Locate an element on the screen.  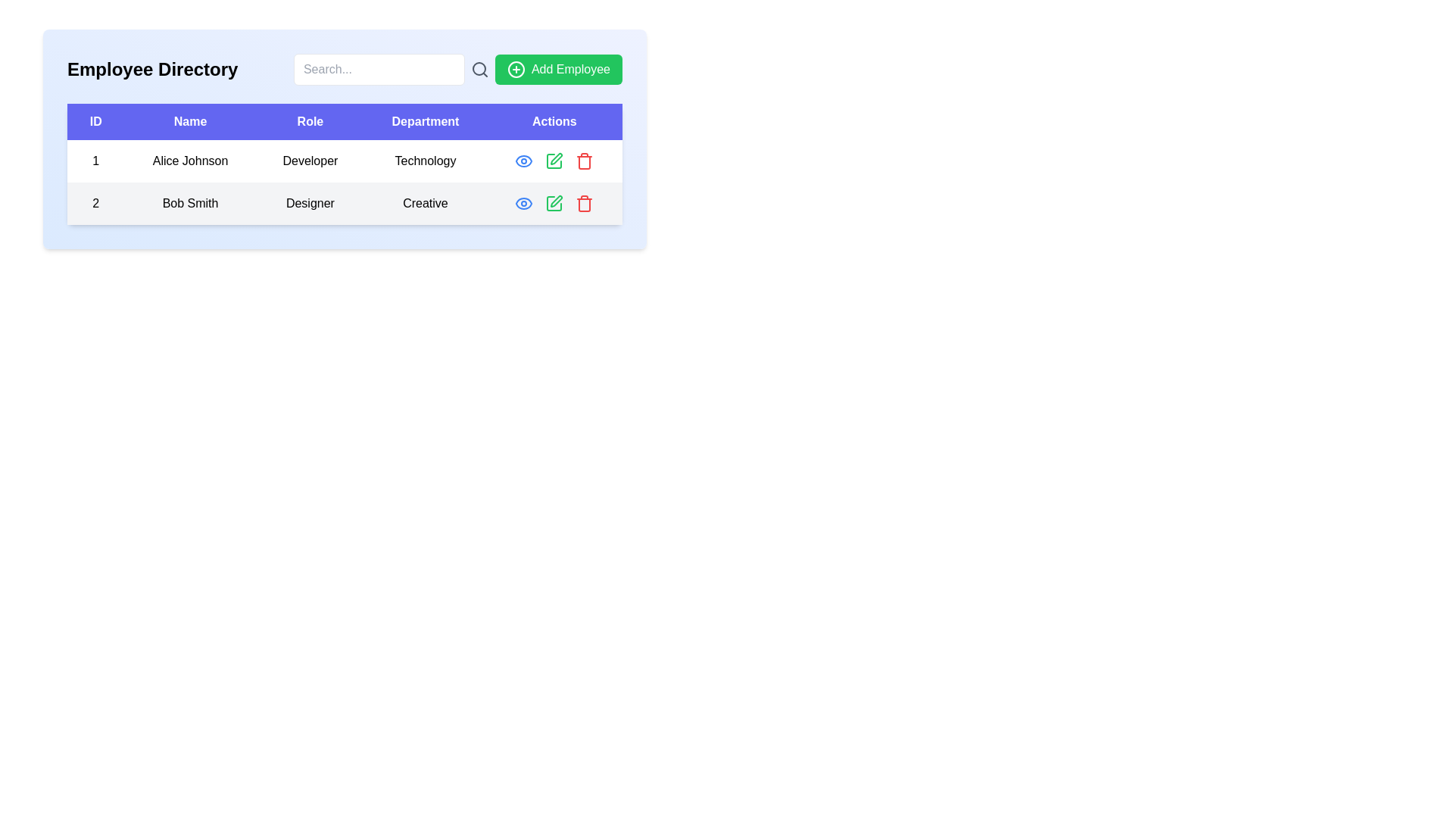
the table header cell labeled 'Role', which is styled with white text on a blue background and is located in the third column of the header row is located at coordinates (309, 121).